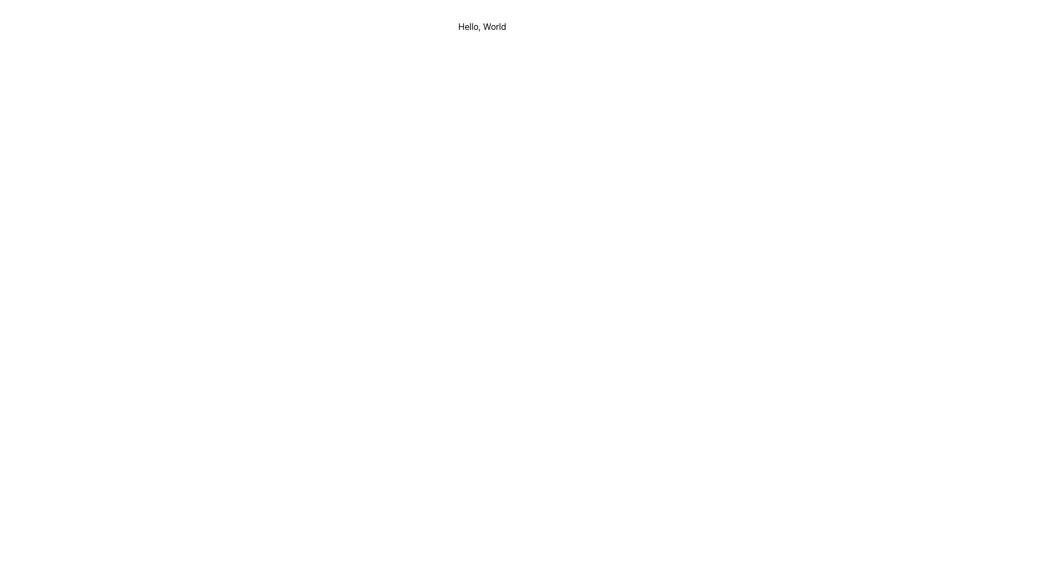 Image resolution: width=1044 pixels, height=587 pixels. I want to click on text displayed in the Text Label element that contains the phrase 'Hello, World', so click(482, 26).